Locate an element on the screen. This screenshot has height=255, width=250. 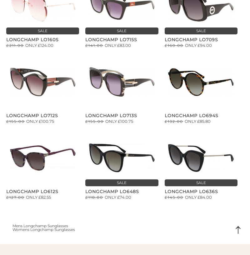
'Only £124.00' is located at coordinates (39, 45).